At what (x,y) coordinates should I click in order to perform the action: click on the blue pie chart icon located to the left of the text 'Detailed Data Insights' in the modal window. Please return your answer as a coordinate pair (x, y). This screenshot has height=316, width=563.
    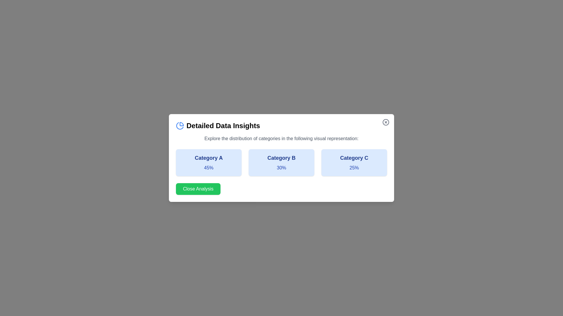
    Looking at the image, I should click on (180, 125).